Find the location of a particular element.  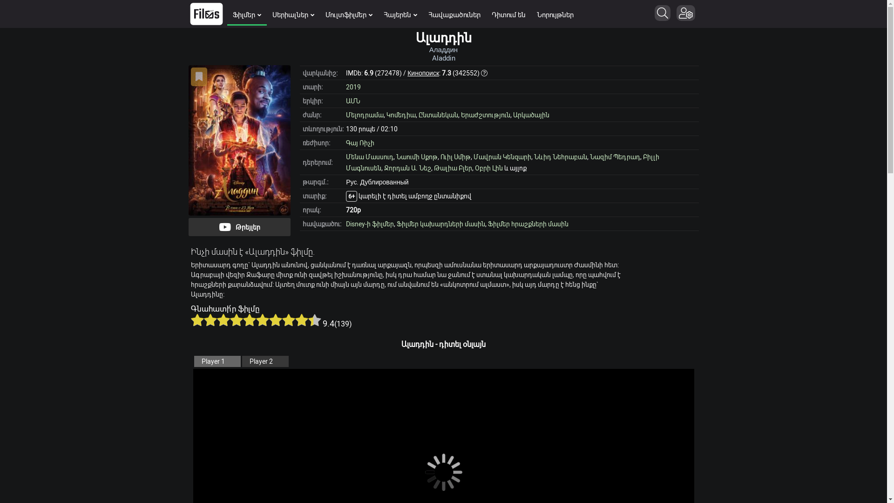

'9' is located at coordinates (294, 319).